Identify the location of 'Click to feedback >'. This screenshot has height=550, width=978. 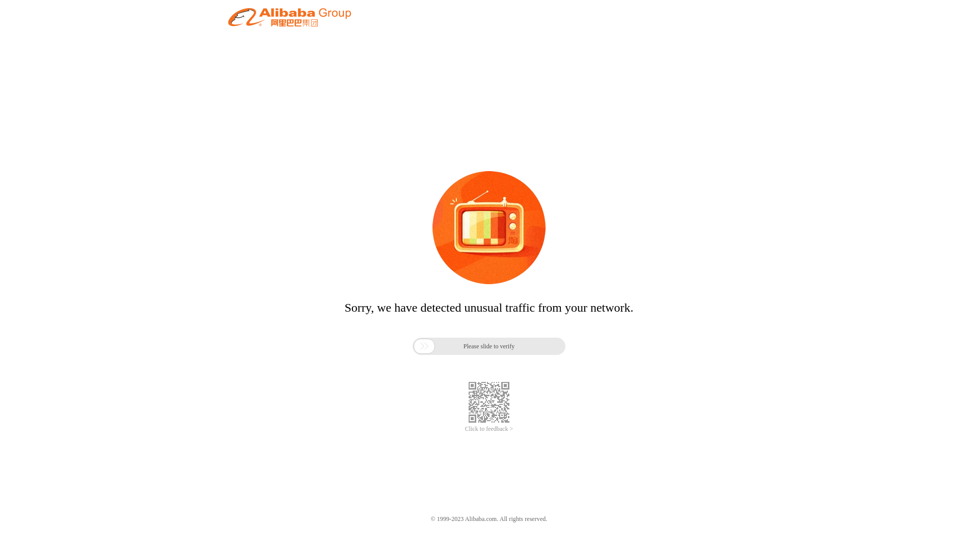
(489, 429).